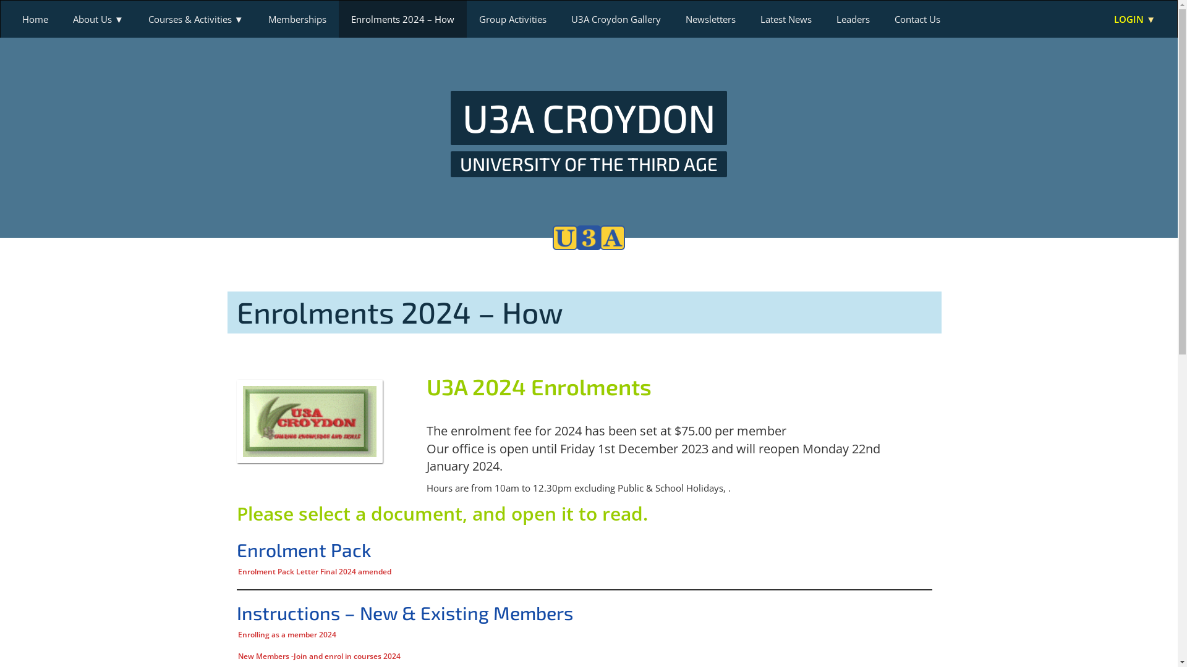 The width and height of the screenshot is (1187, 667). Describe the element at coordinates (314, 571) in the screenshot. I see `'Enrolment Pack Letter Final 2024 amended'` at that location.